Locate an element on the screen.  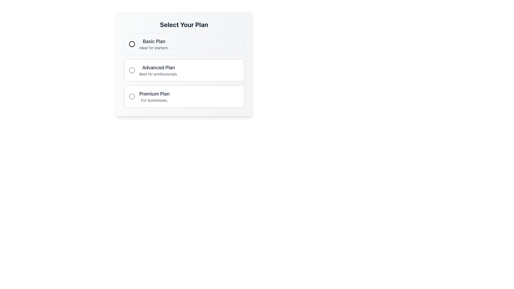
the Circle SVG element that serves as a decorative marker adjacent to the 'Advanced Plan' text is located at coordinates (132, 70).